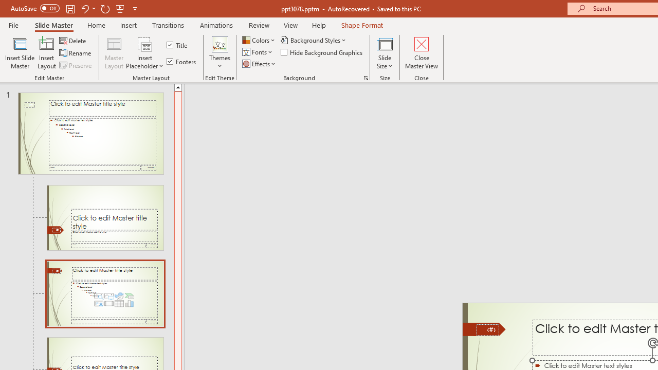  Describe the element at coordinates (144, 43) in the screenshot. I see `'Content'` at that location.